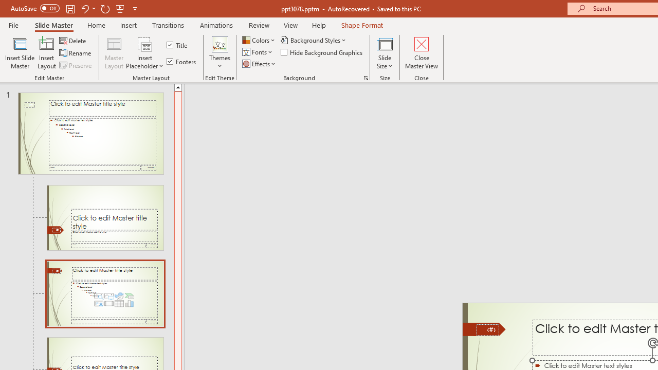  Describe the element at coordinates (144, 43) in the screenshot. I see `'Content'` at that location.